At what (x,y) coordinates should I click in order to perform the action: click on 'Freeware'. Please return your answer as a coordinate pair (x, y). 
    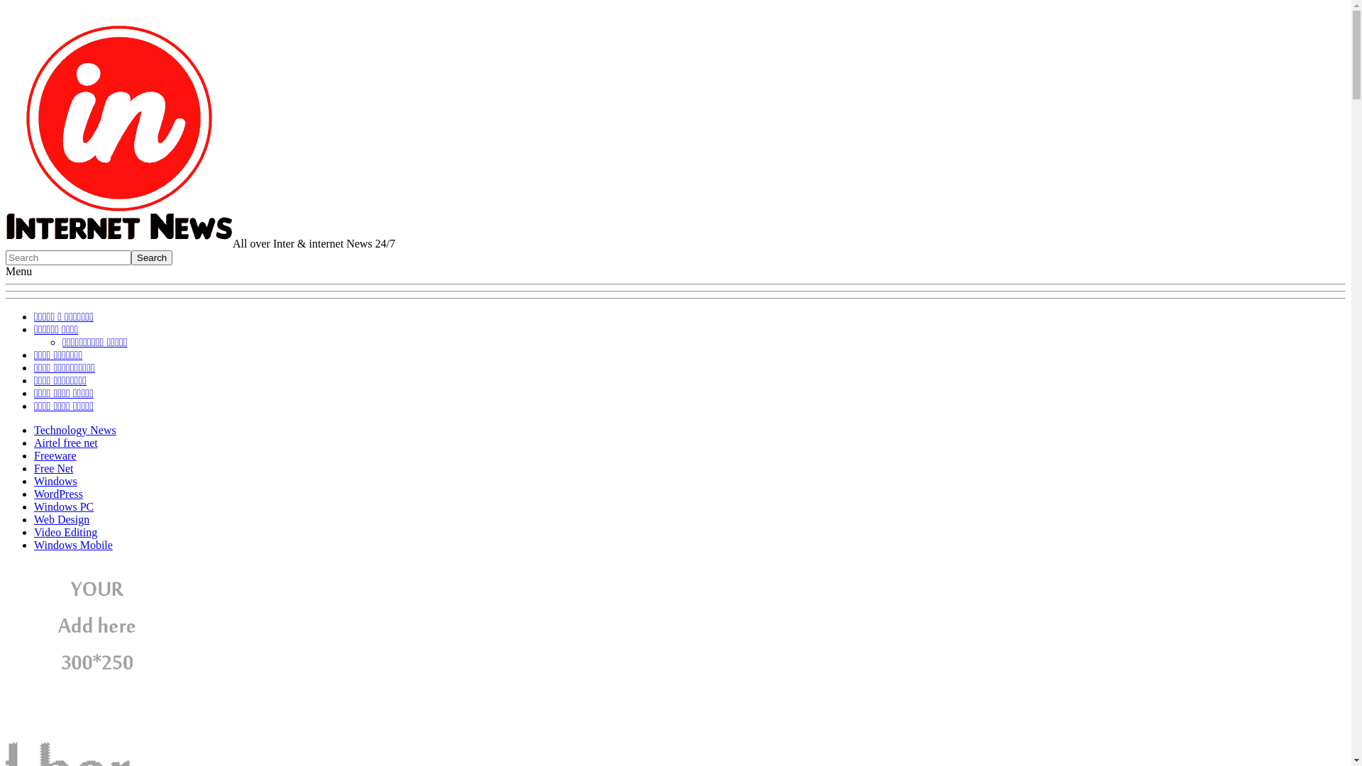
    Looking at the image, I should click on (55, 455).